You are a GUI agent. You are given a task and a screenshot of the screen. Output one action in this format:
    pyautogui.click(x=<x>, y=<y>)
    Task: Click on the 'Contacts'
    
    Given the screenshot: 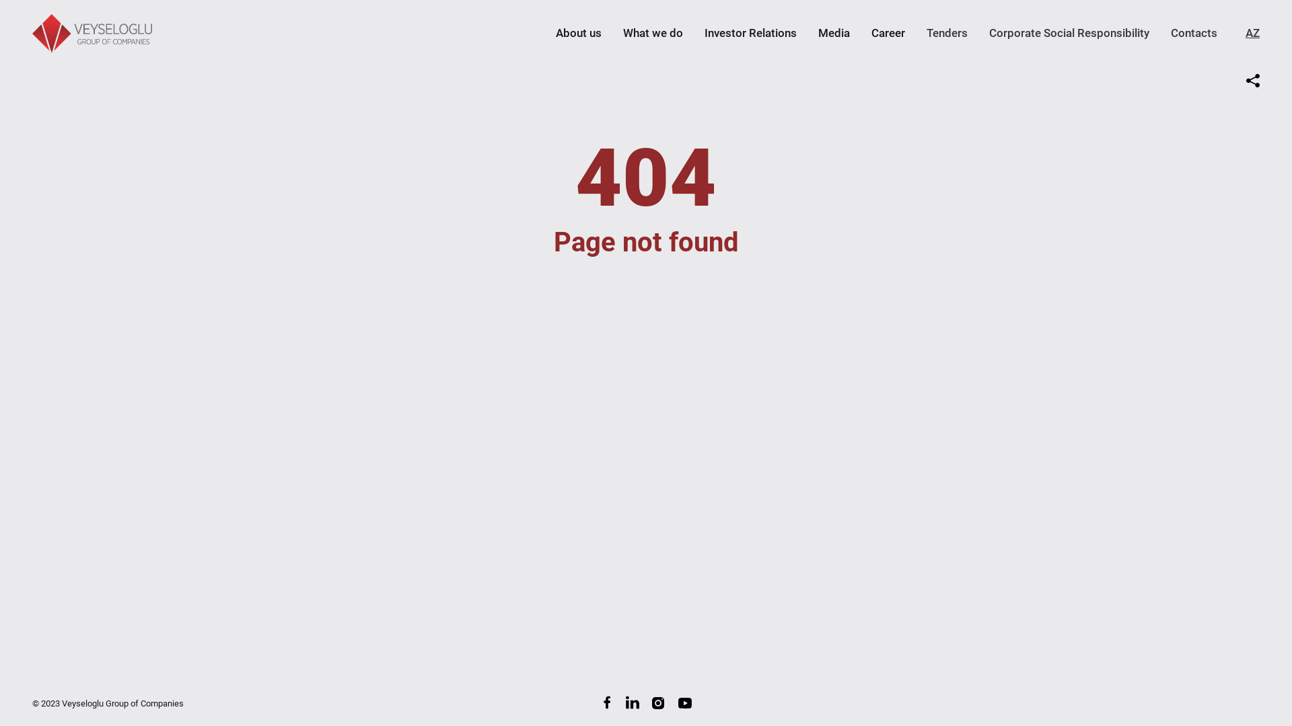 What is the action you would take?
    pyautogui.click(x=1170, y=32)
    